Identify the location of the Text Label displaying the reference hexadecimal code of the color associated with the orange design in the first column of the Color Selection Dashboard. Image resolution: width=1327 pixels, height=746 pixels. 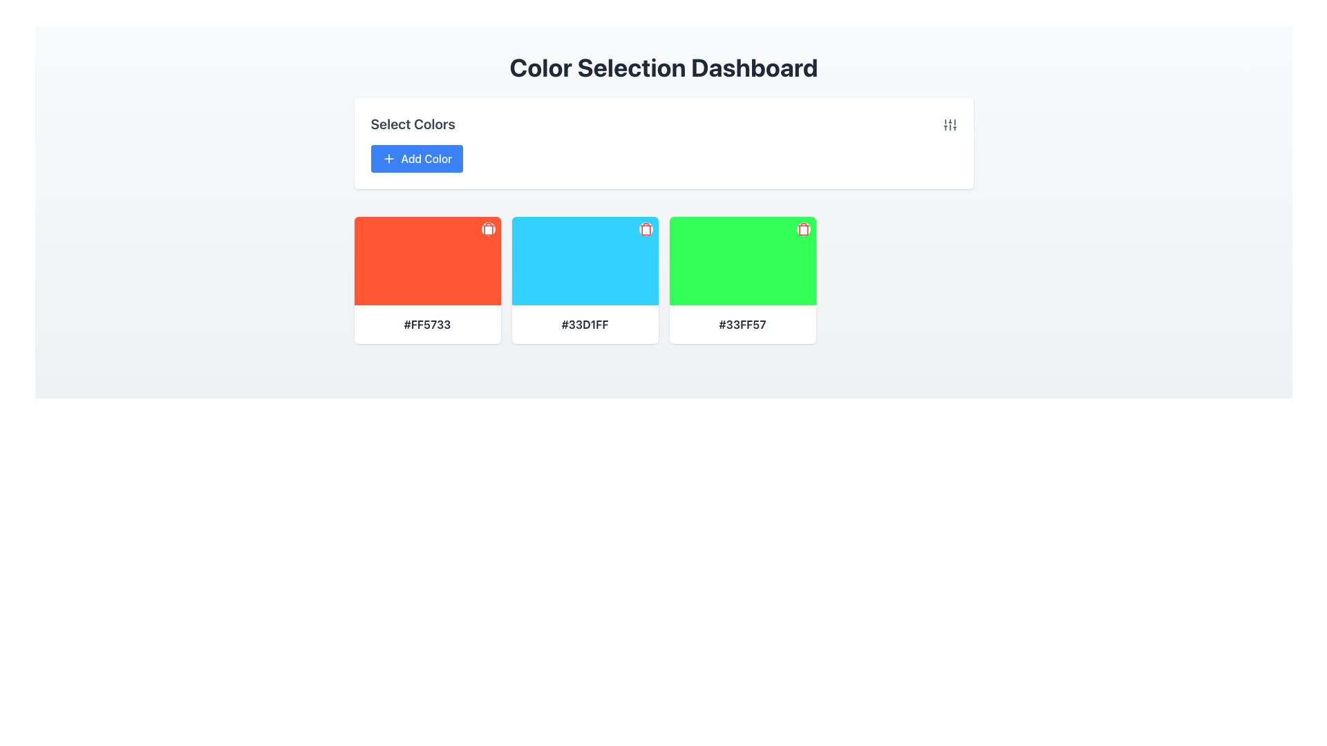
(426, 325).